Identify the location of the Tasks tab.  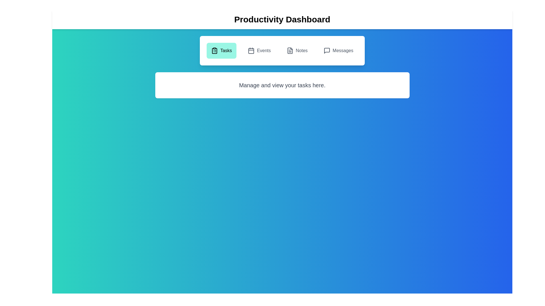
(221, 50).